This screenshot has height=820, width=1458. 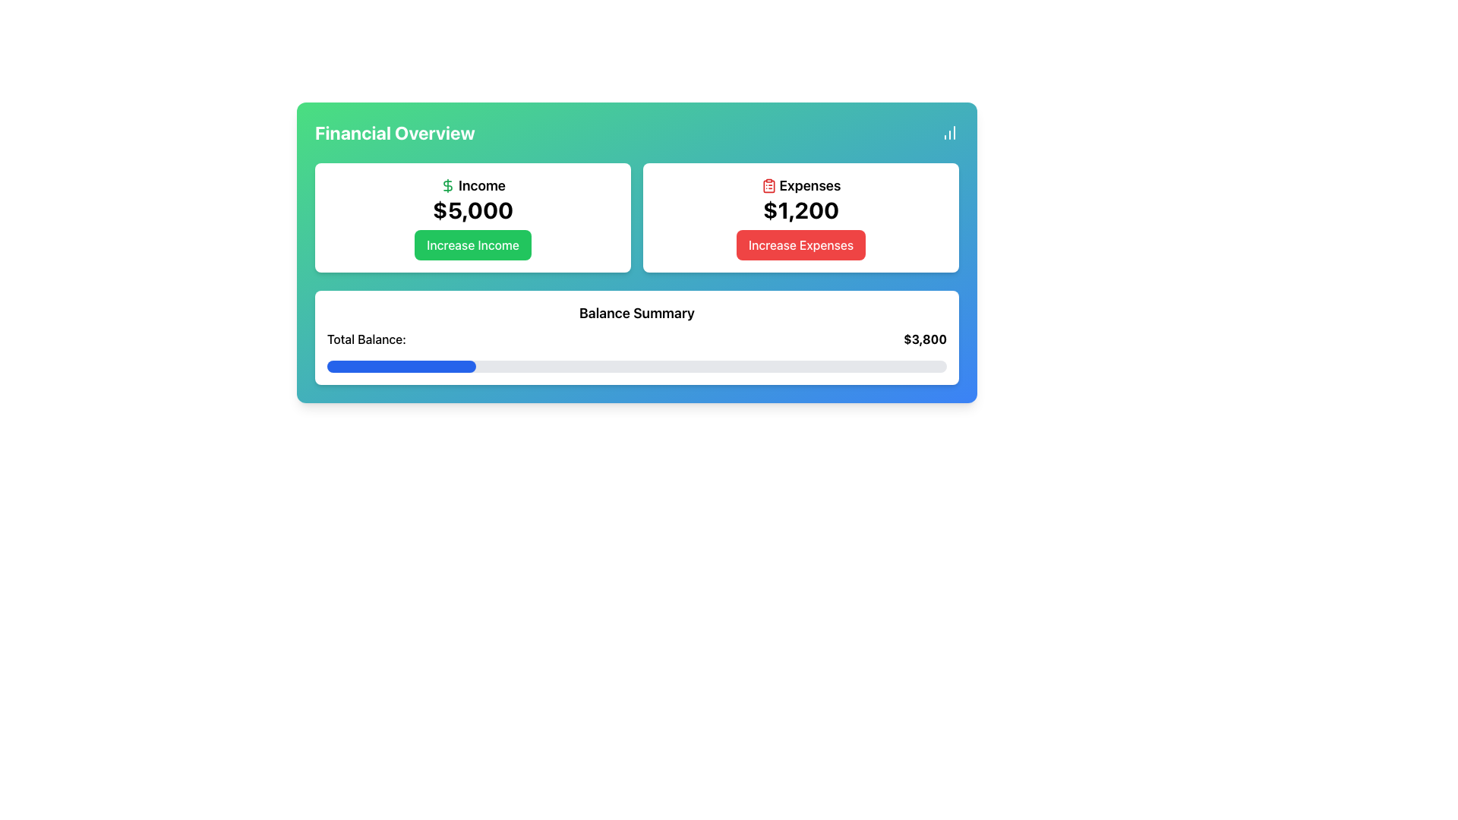 What do you see at coordinates (472, 244) in the screenshot?
I see `the 'Increase Income' button with a green background and white text located in the 'Income' section of the financial overview card to observe the hover effect` at bounding box center [472, 244].